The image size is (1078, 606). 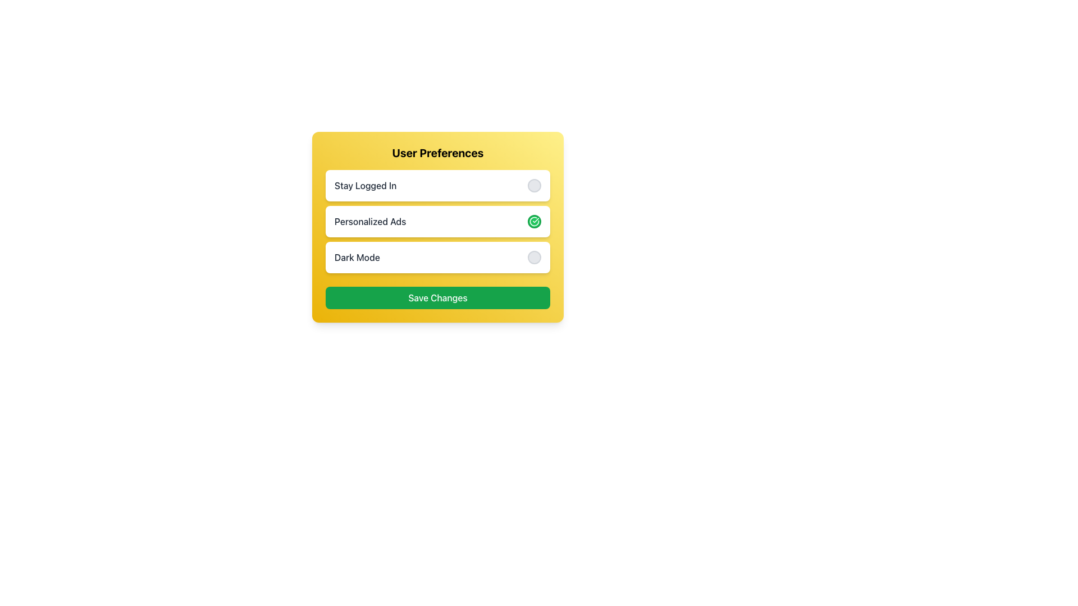 I want to click on the descriptive label associated with the 'Stay Logged In' section, so click(x=366, y=185).